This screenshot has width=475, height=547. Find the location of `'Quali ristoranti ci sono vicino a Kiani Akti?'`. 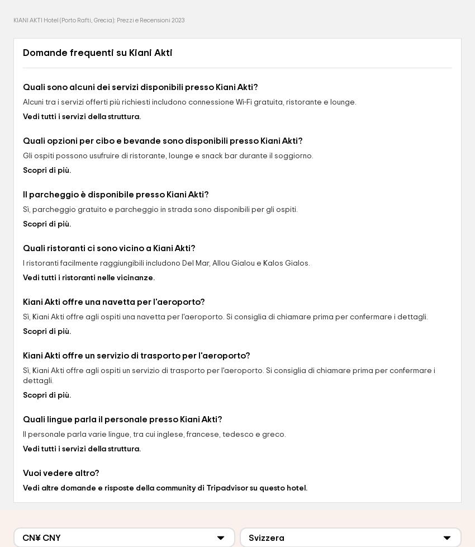

'Quali ristoranti ci sono vicino a Kiani Akti?' is located at coordinates (108, 248).